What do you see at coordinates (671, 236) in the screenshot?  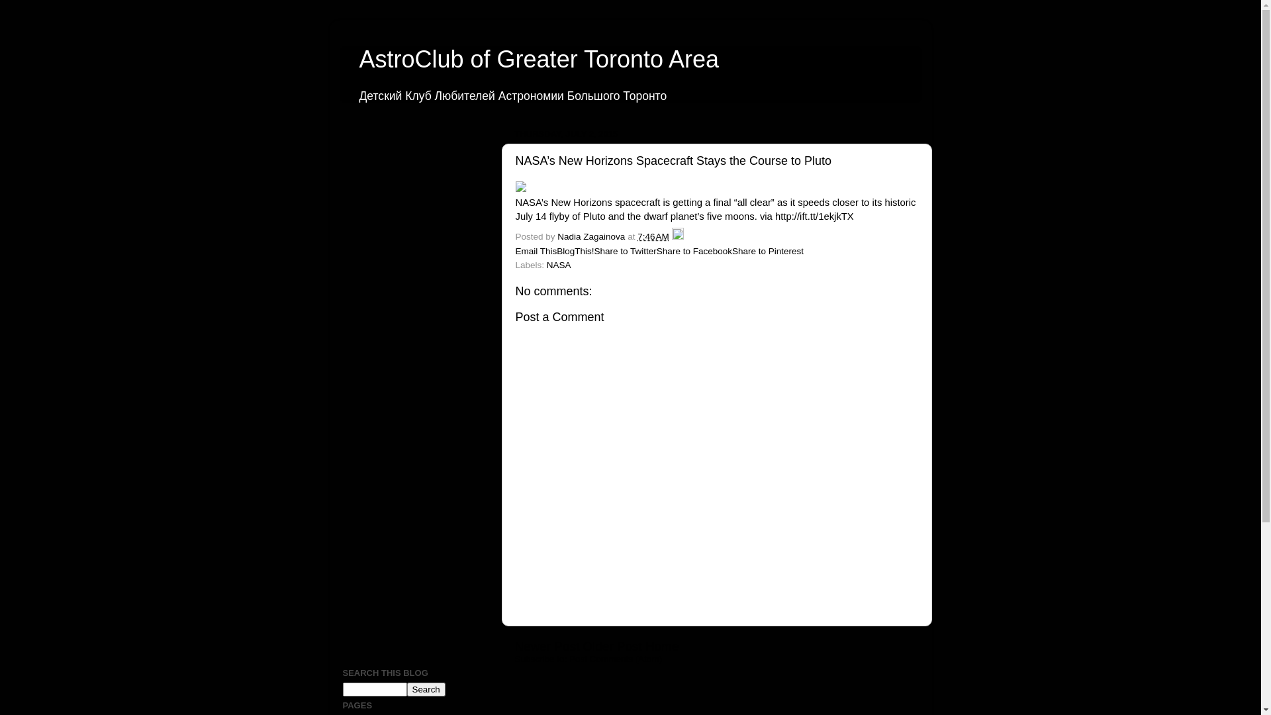 I see `'Edit Post'` at bounding box center [671, 236].